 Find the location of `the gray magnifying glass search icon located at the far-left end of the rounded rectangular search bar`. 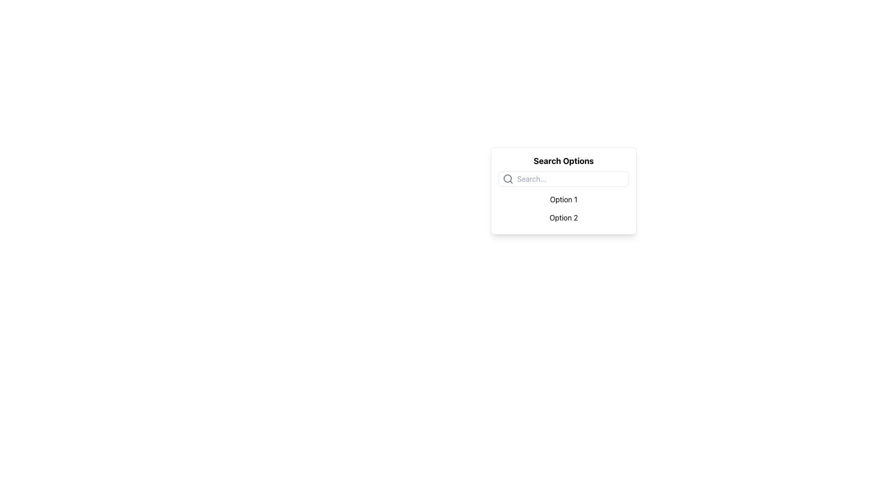

the gray magnifying glass search icon located at the far-left end of the rounded rectangular search bar is located at coordinates (507, 179).